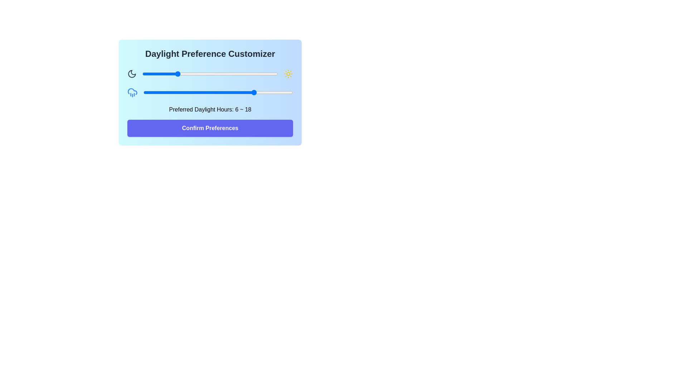 The width and height of the screenshot is (687, 386). What do you see at coordinates (288, 74) in the screenshot?
I see `the sun icon, which is an SVG illustration characterized by a yellow central circle and radiating sunbeams, located at the far right of the layout` at bounding box center [288, 74].